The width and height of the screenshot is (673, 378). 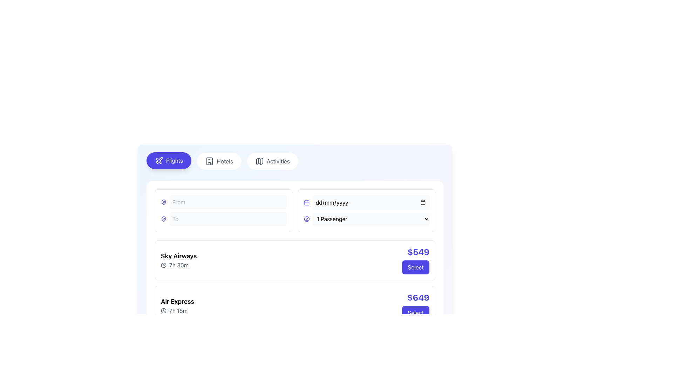 I want to click on text label indicating the cost associated with the flight option, which is located in the top-right corner of the selection card above the 'Select' button, so click(x=416, y=252).